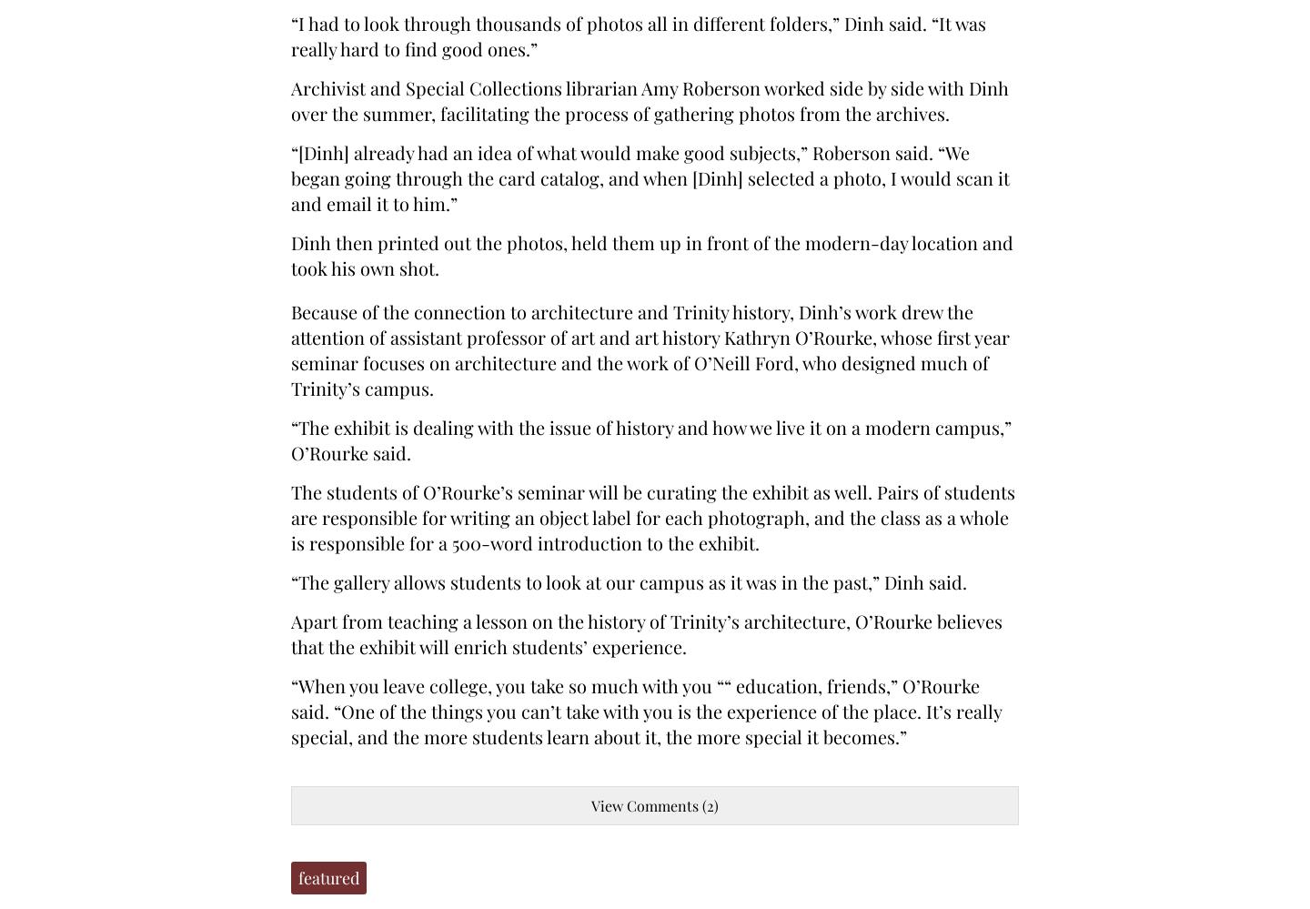 The image size is (1310, 909). Describe the element at coordinates (650, 349) in the screenshot. I see `'Because of the connection to architecture and Trinity history, Dinh’s work drew the attention of assistant professor of art and art history Kathryn O’Rourke, whose first year seminar focuses on architecture and the work of O’Neill Ford, who designed much of Trinity’s campus.'` at that location.